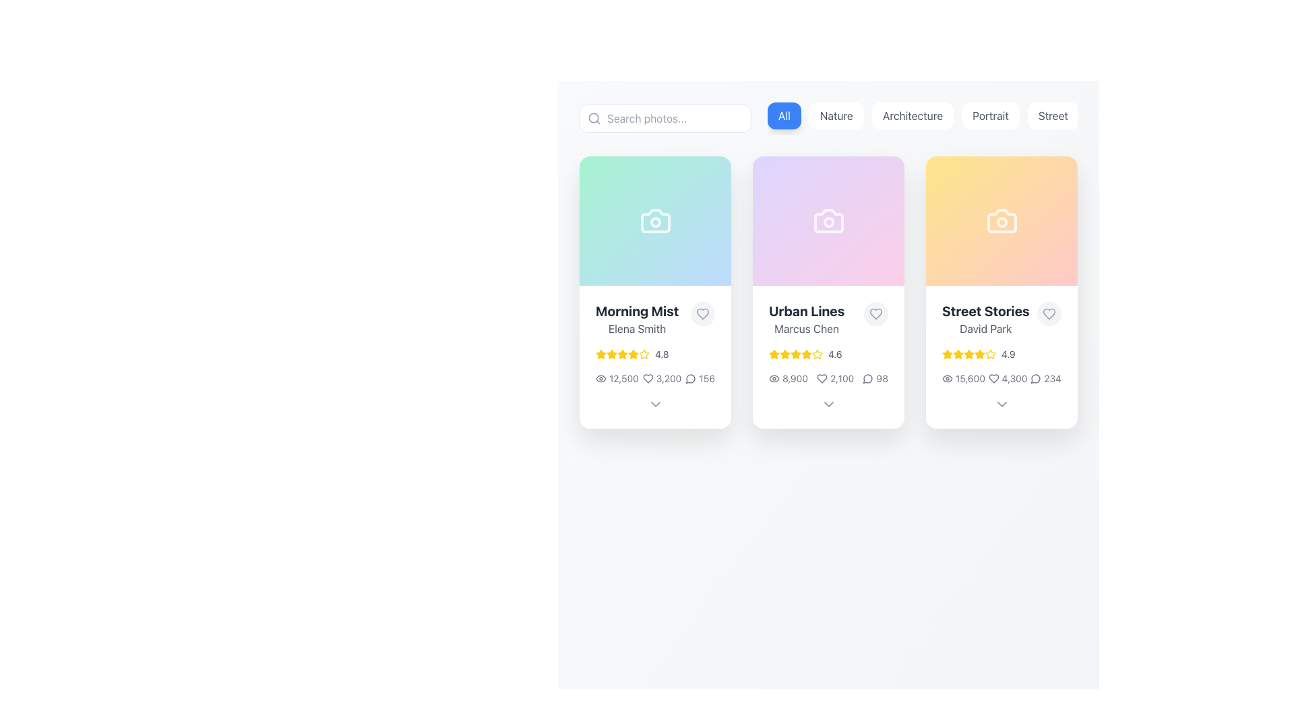 The image size is (1294, 728). I want to click on the eye icon located in the footer section of the 'Street Stories' card, so click(947, 379).